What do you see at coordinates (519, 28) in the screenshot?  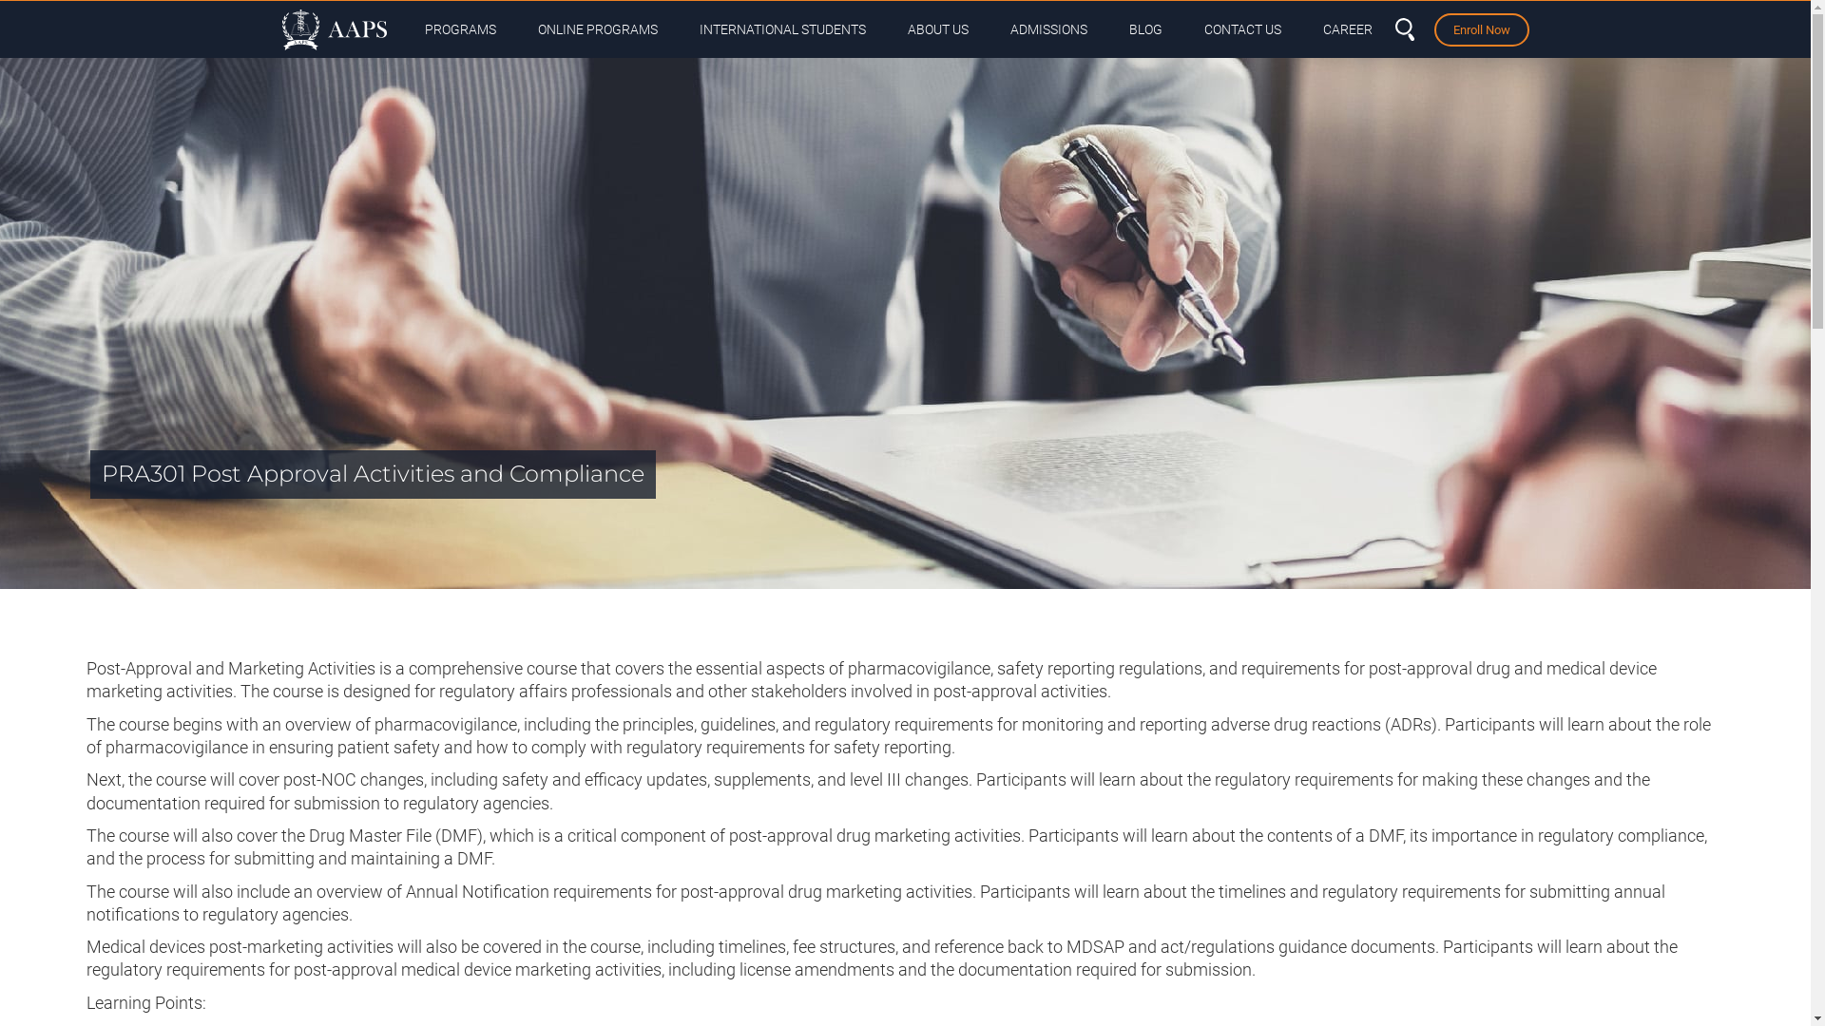 I see `'ONLINE PROGRAMS'` at bounding box center [519, 28].